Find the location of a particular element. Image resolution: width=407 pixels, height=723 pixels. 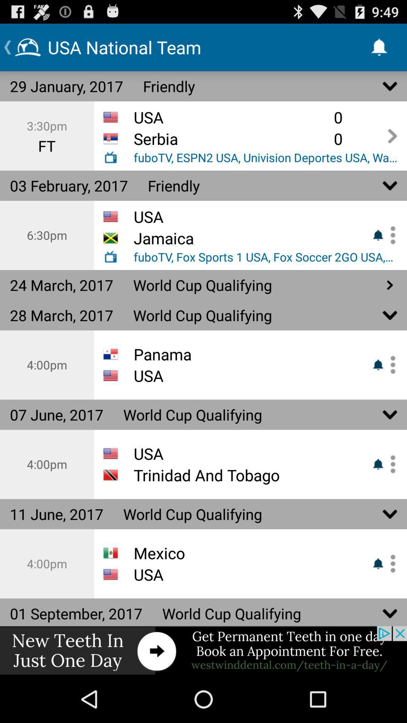

shows other option is located at coordinates (203, 650).